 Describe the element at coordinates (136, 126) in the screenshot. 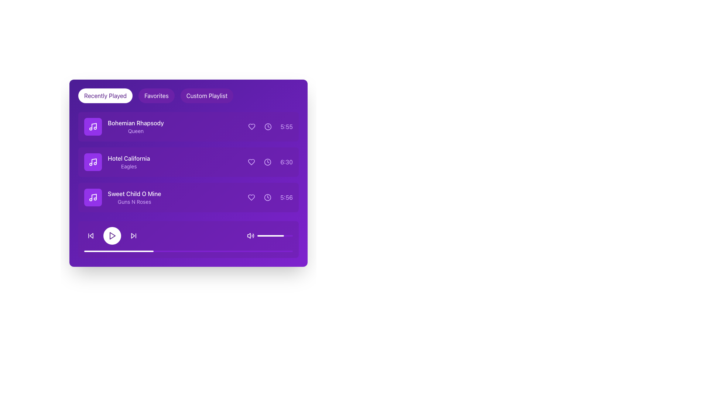

I see `the static text display component representing the song 'Bohemian Rhapsody' by 'Queen', located in the 'Recently Played' section` at that location.